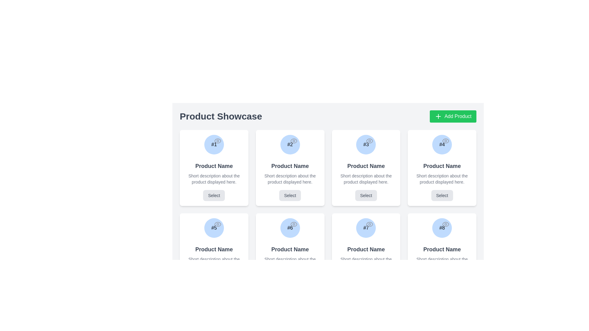 The height and width of the screenshot is (331, 589). I want to click on the text label '#1' located at the top-center of the first product card in the grid layout, so click(214, 144).